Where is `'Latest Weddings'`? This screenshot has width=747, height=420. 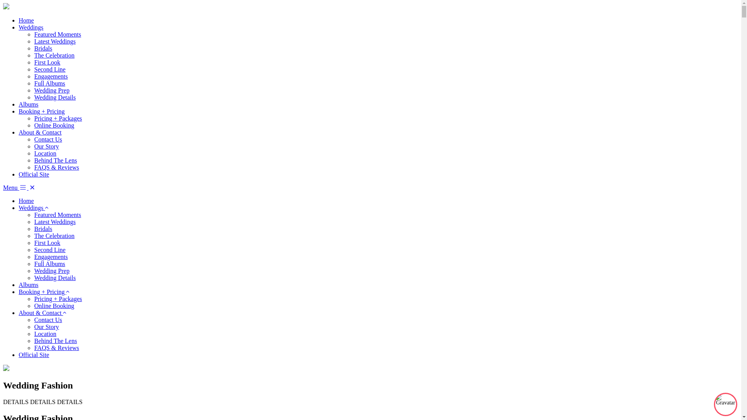
'Latest Weddings' is located at coordinates (54, 41).